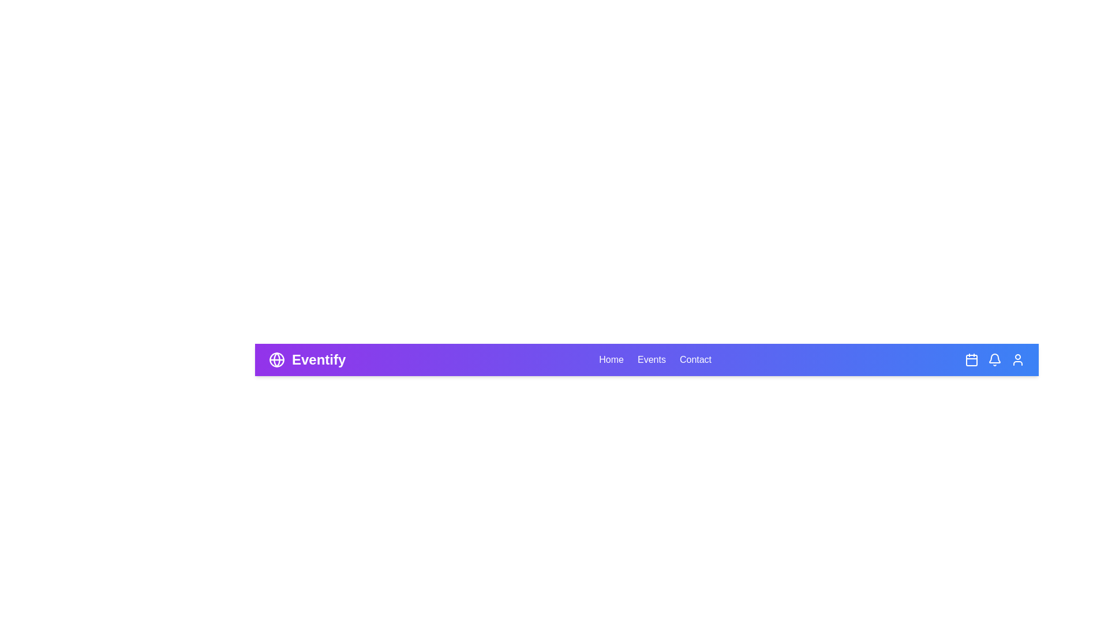 The width and height of the screenshot is (1108, 623). What do you see at coordinates (994, 359) in the screenshot?
I see `the bell icon to view notifications` at bounding box center [994, 359].